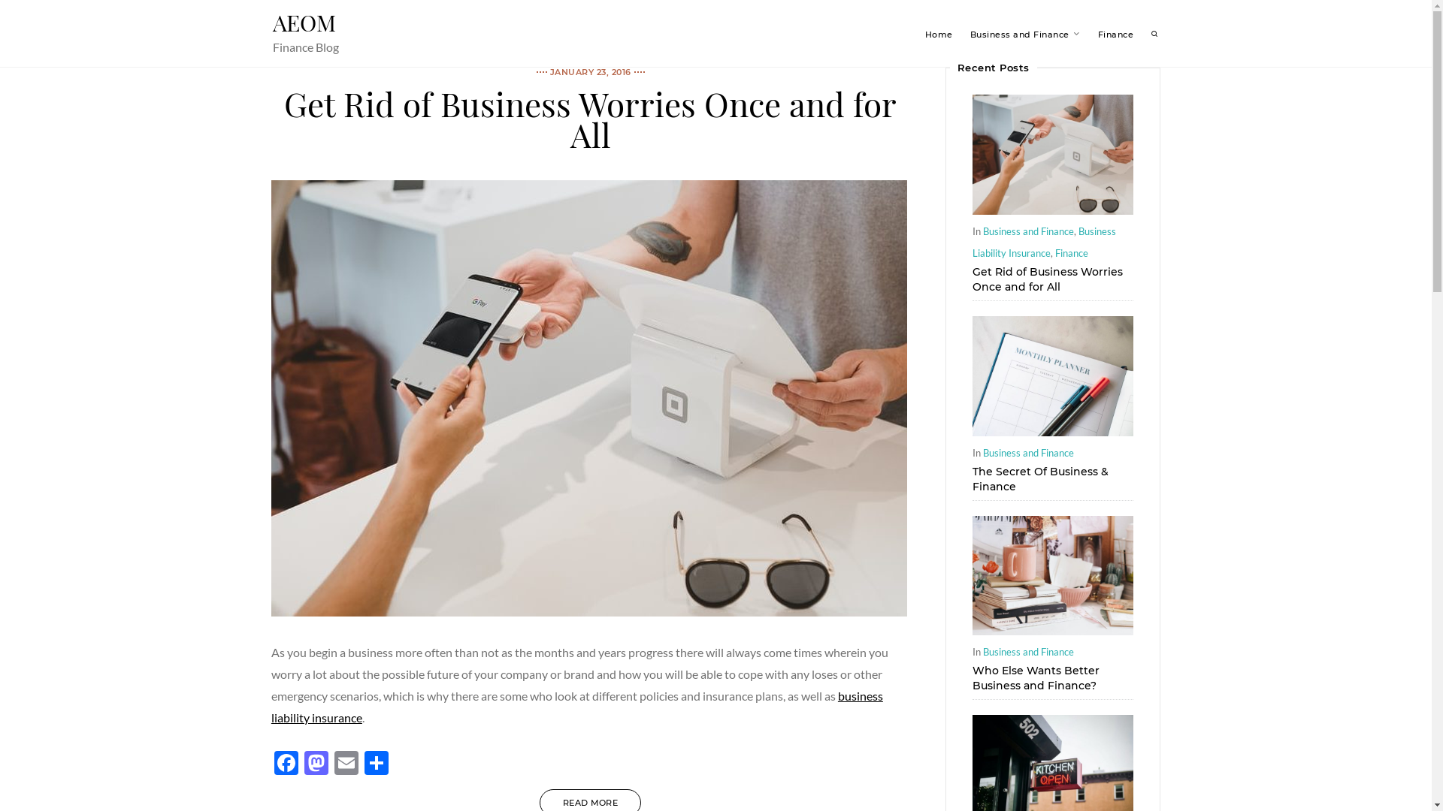 This screenshot has height=811, width=1443. Describe the element at coordinates (1046, 279) in the screenshot. I see `'Get Rid of Business Worries Once and for All'` at that location.